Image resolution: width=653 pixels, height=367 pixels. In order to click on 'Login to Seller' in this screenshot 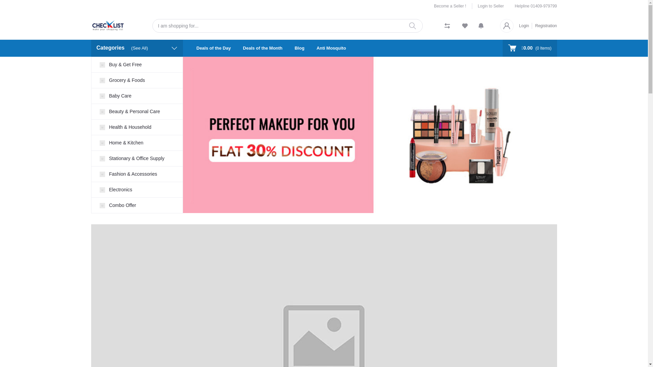, I will do `click(488, 6)`.